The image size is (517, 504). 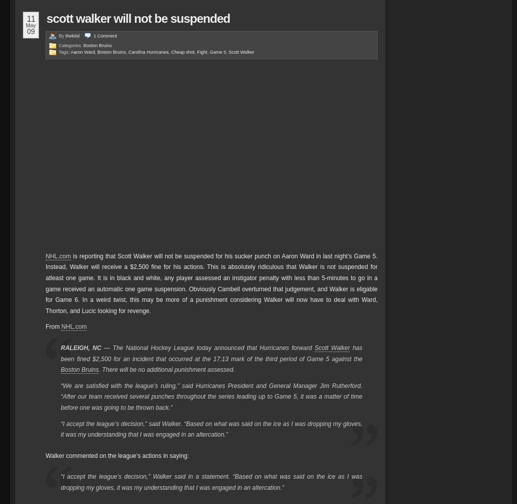 I want to click on 'Fight', so click(x=202, y=52).